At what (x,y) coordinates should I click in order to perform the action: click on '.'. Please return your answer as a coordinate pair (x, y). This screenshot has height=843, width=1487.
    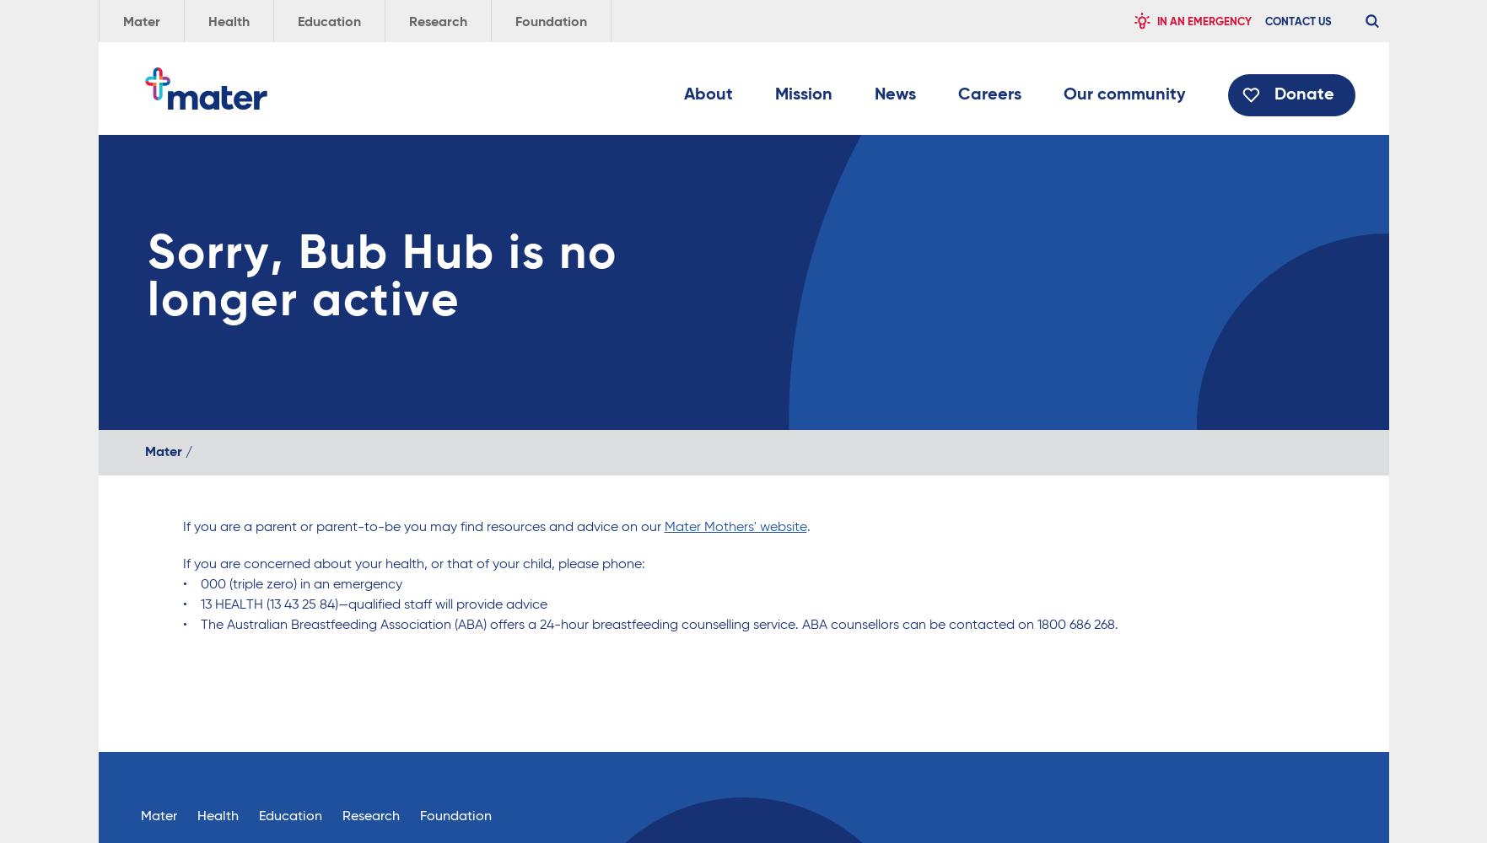
    Looking at the image, I should click on (807, 528).